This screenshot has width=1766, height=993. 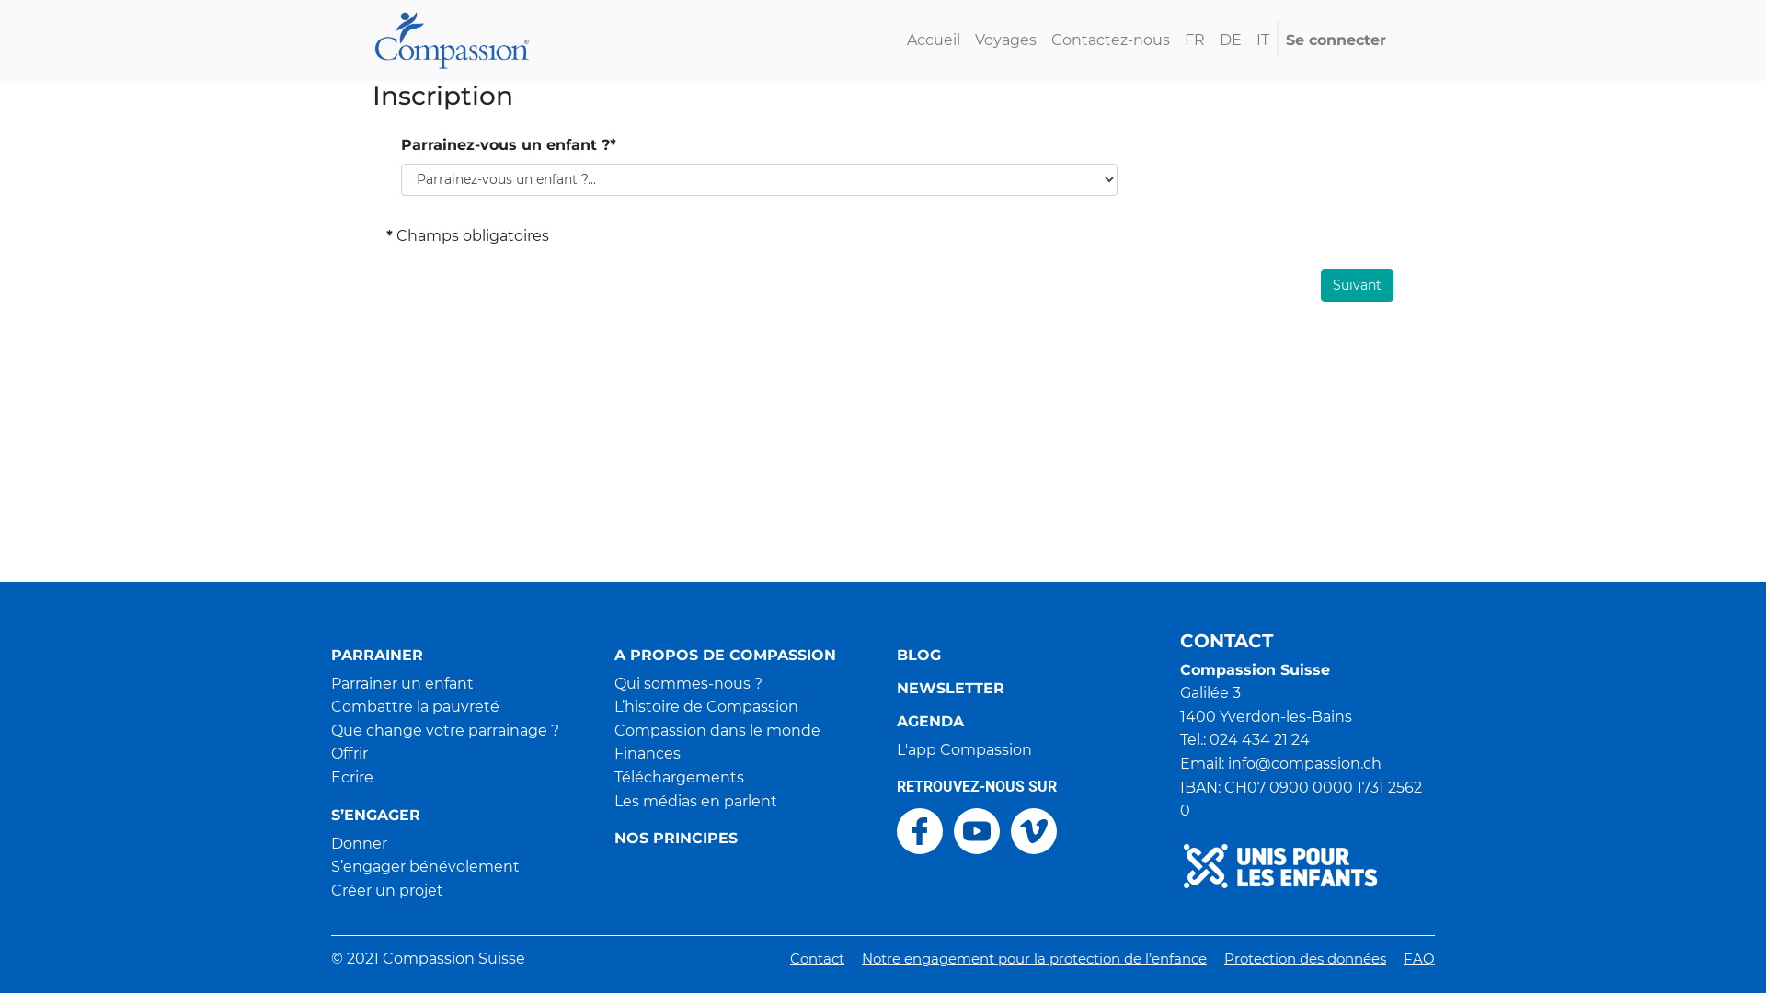 What do you see at coordinates (1195, 40) in the screenshot?
I see `'FR'` at bounding box center [1195, 40].